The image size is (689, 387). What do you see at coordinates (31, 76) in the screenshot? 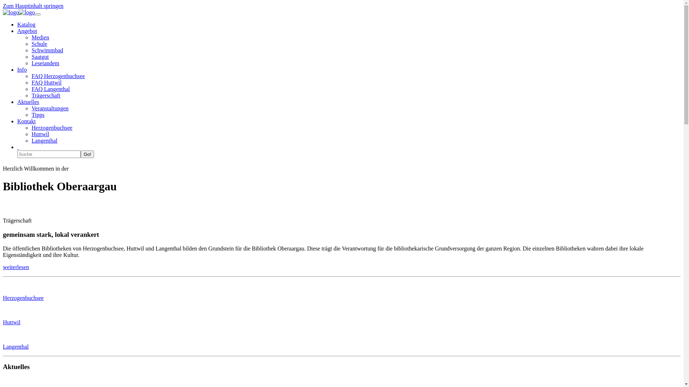
I see `'FAQ Herzogenbuchsee'` at bounding box center [31, 76].